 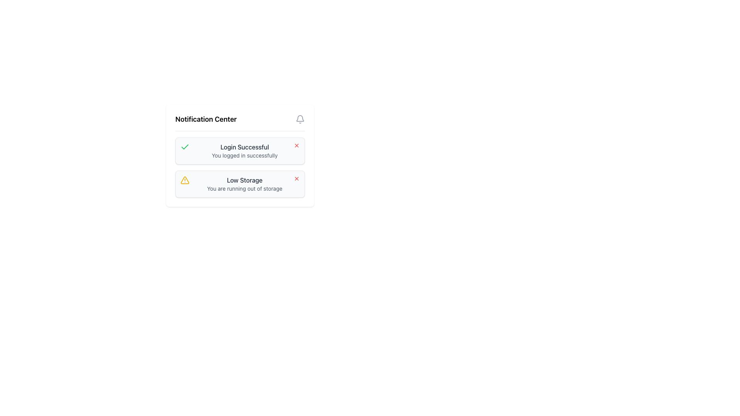 I want to click on text label that reads 'Login Successful', which is styled with a medium font weight and dark gray color, located in the top notification block of the 'Notification Center', so click(x=244, y=147).